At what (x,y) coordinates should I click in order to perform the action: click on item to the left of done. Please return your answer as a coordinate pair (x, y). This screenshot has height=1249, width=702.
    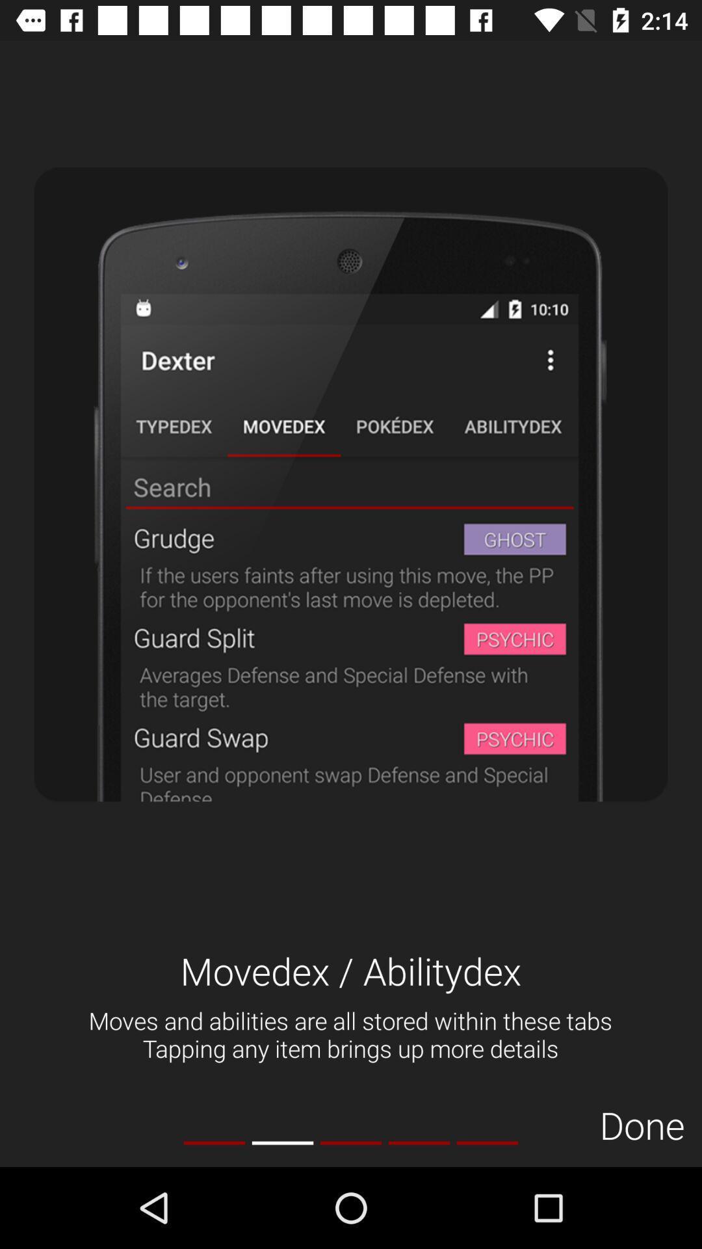
    Looking at the image, I should click on (487, 1142).